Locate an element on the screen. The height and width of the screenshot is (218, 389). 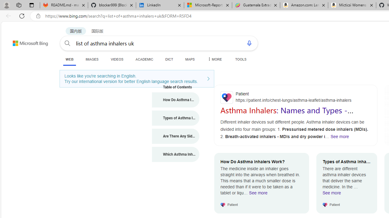
'VIDEOS' is located at coordinates (117, 59).